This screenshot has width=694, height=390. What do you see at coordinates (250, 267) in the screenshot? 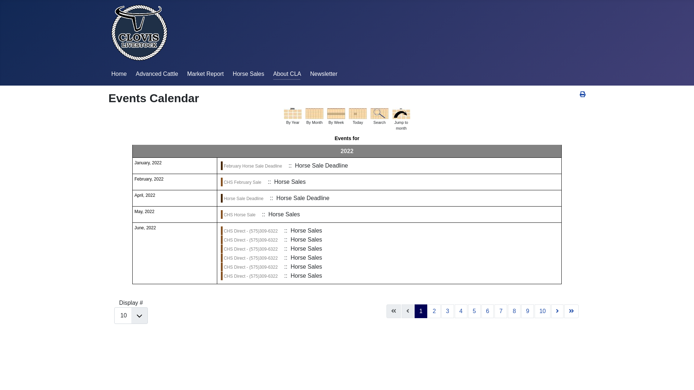
I see `'CHS Direct - (575)309-6322'` at bounding box center [250, 267].